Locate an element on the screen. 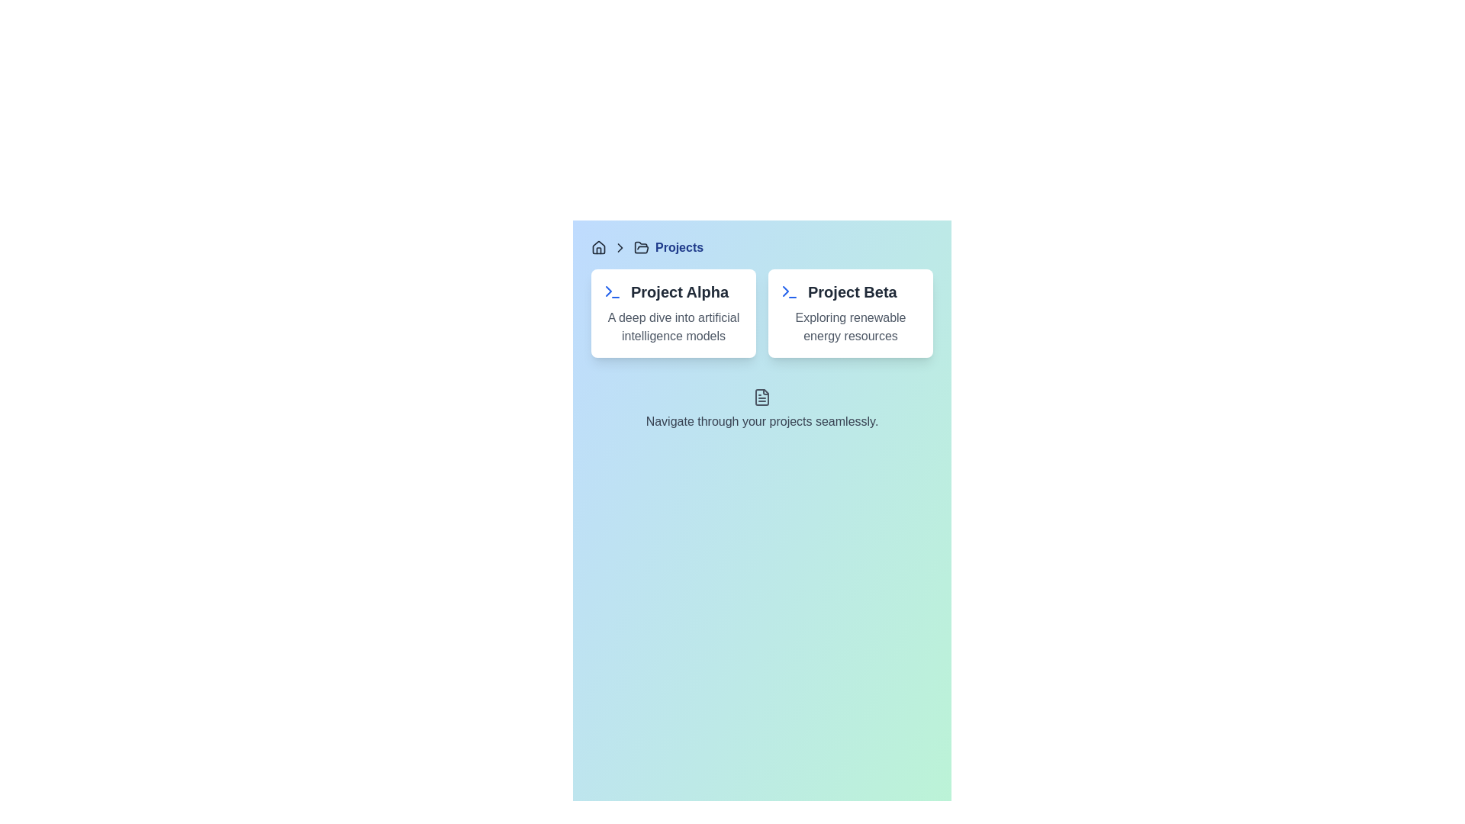 The width and height of the screenshot is (1465, 824). the Breadcrumb navigation component indicating the current context ('Projects') is located at coordinates (761, 246).